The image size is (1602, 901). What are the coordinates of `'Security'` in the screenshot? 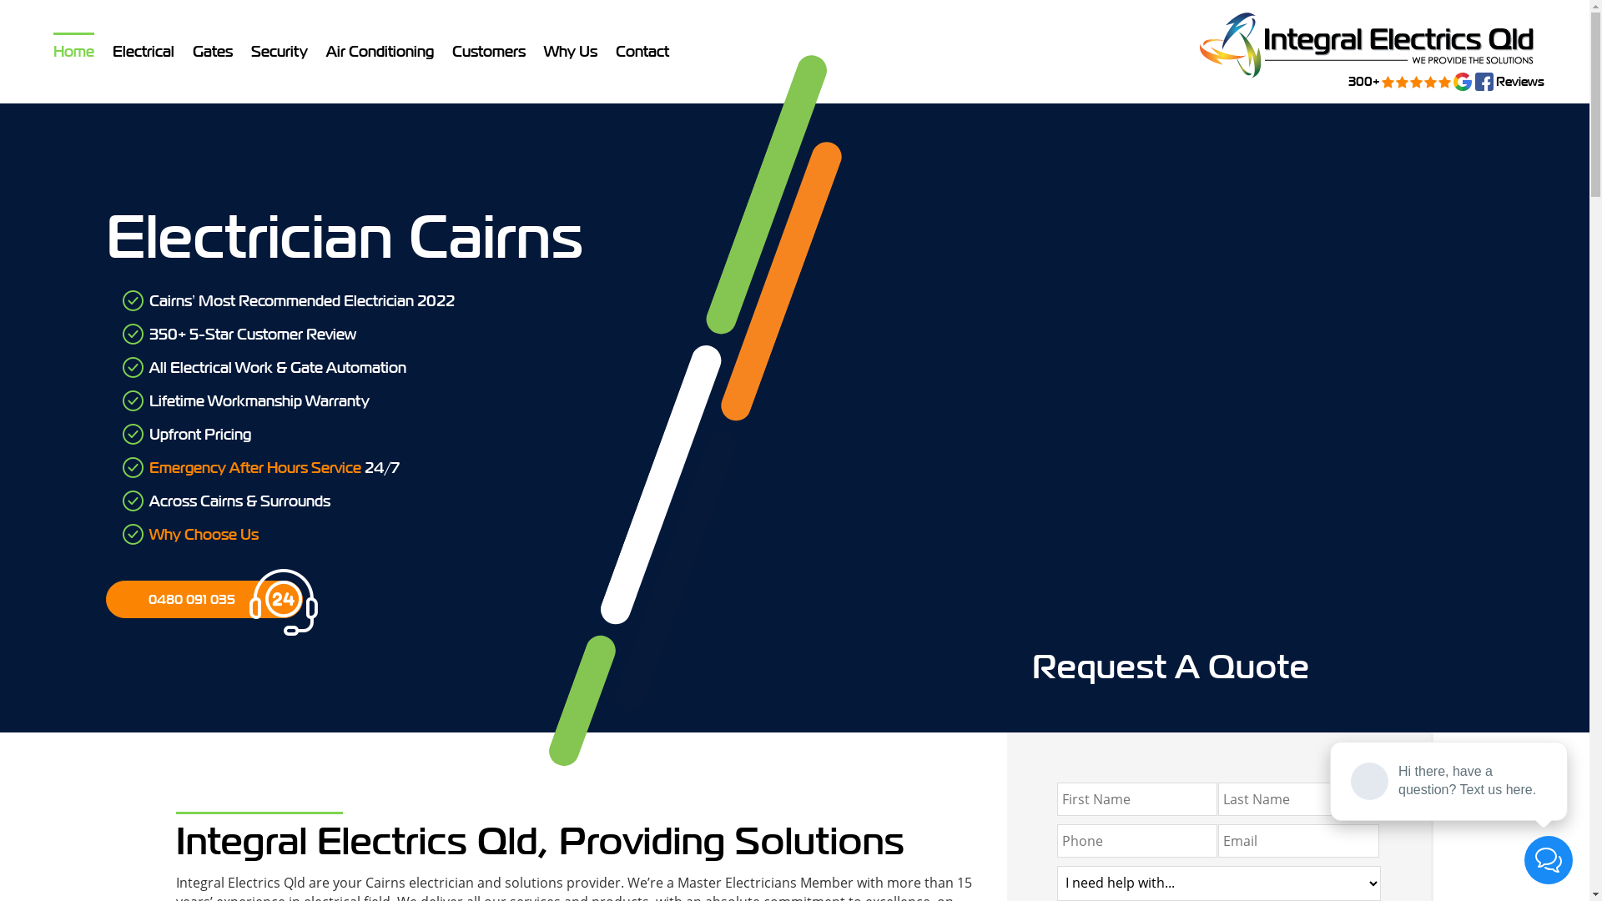 It's located at (280, 50).